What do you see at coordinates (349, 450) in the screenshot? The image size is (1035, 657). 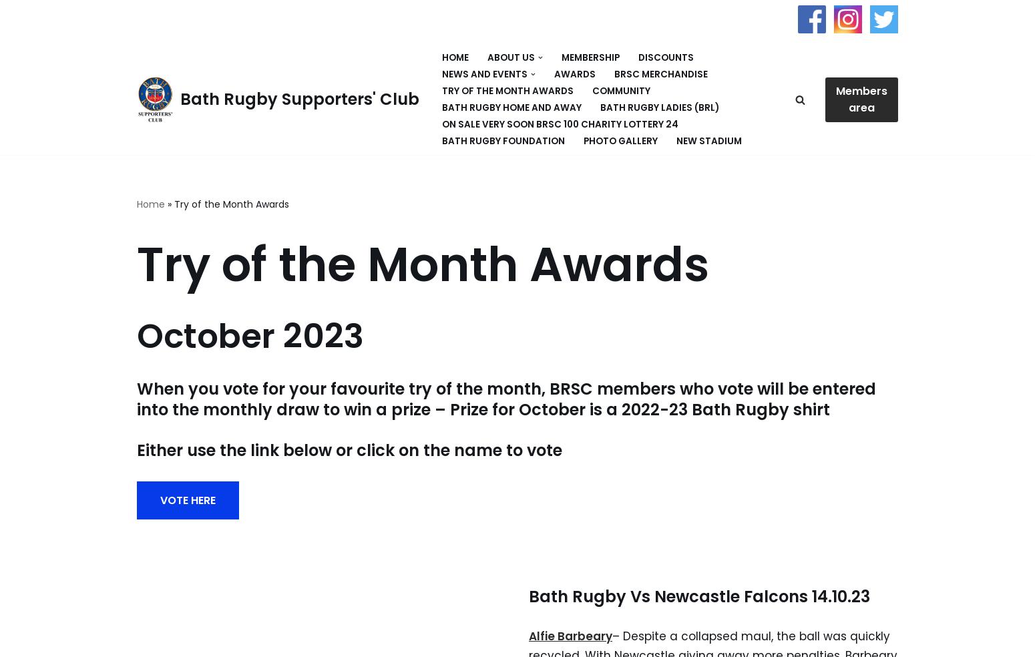 I see `'Either use the link below or click on the name to vote'` at bounding box center [349, 450].